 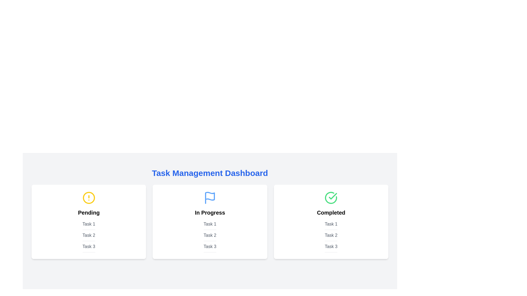 What do you see at coordinates (89, 248) in the screenshot?
I see `the text label for 'Task 3' in the Pending category of the Task Management Dashboard, which is the last subtask listed` at bounding box center [89, 248].